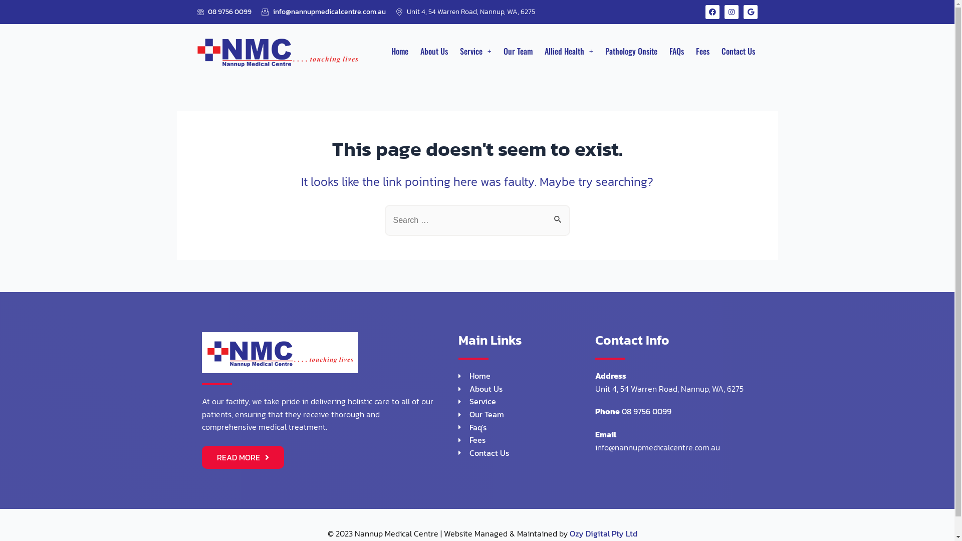 This screenshot has height=541, width=962. What do you see at coordinates (324, 12) in the screenshot?
I see `'info@nannupmedicalcentre.com.au'` at bounding box center [324, 12].